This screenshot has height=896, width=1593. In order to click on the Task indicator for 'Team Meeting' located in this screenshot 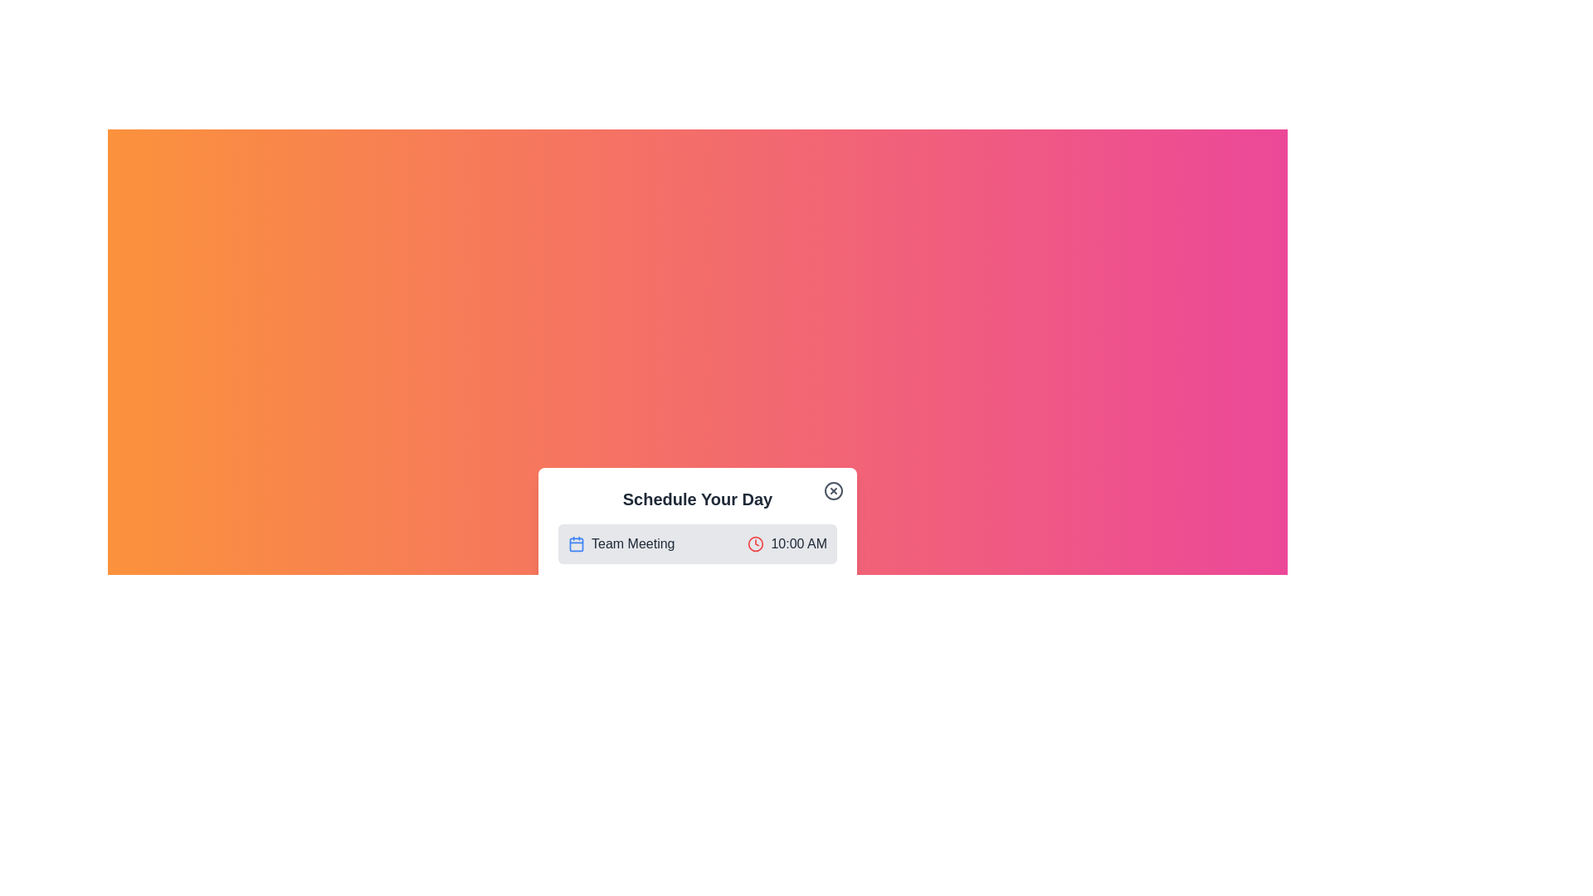, I will do `click(697, 569)`.